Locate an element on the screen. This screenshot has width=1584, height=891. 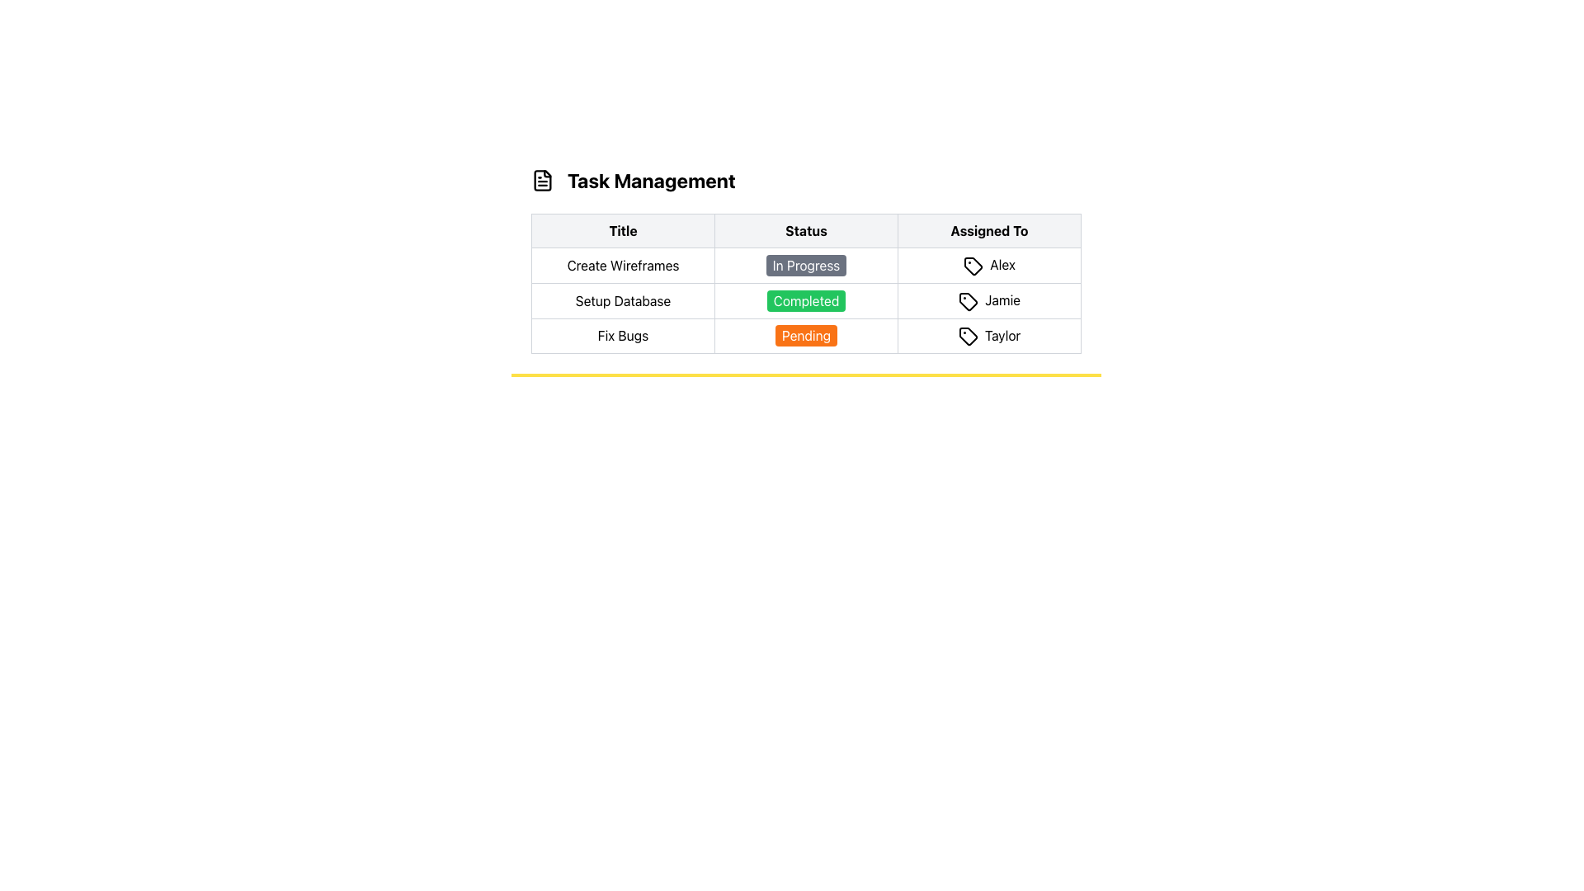
the styled text label indicating the completion status of the task 'Setup Database' located in the 'Status' column of the task management table is located at coordinates (806, 300).